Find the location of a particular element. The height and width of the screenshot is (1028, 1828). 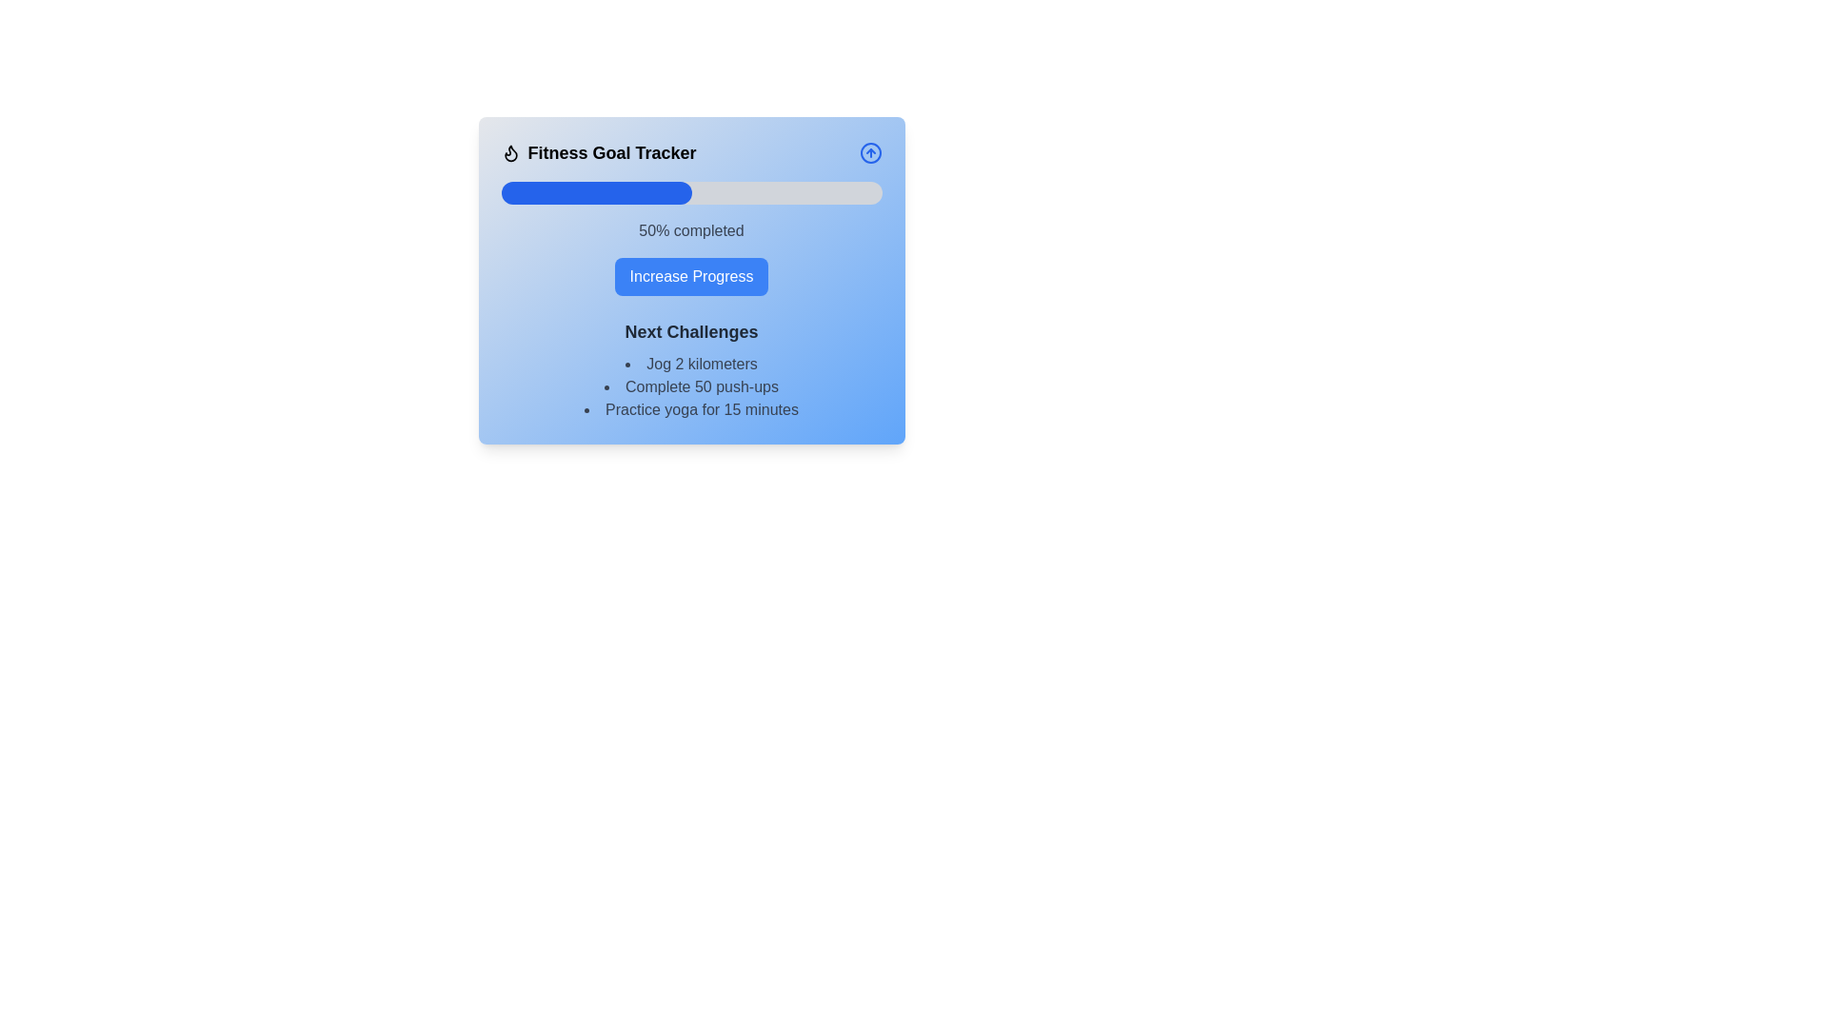

the button located within the 'Fitness Goal Tracker' card, positioned below the progress bar that indicates '50% completed' is located at coordinates (690, 276).